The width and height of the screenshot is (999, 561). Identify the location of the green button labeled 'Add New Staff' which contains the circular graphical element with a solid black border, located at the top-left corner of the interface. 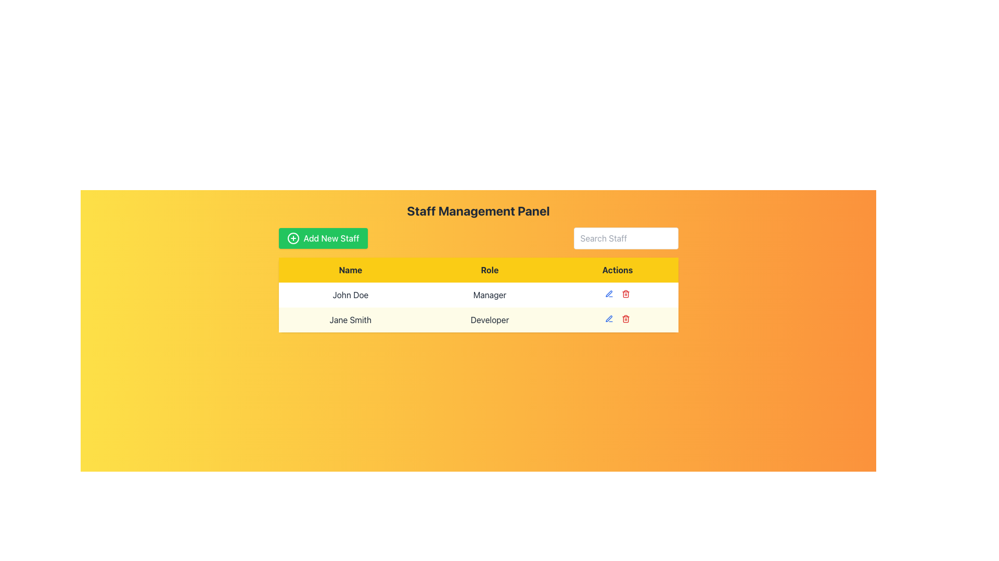
(292, 238).